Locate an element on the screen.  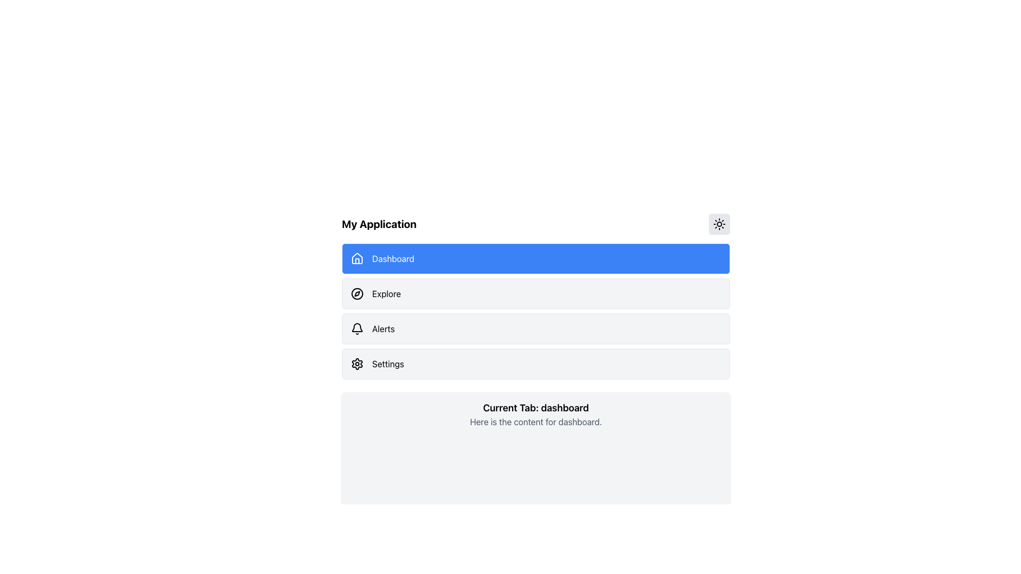
the toggle button located at the top-right corner of the application interface is located at coordinates (719, 223).